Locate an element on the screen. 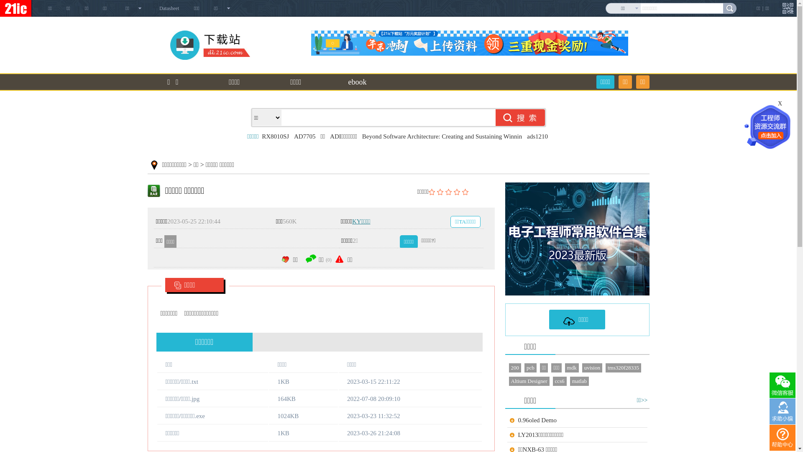 Image resolution: width=803 pixels, height=452 pixels. 'matlab' is located at coordinates (570, 381).